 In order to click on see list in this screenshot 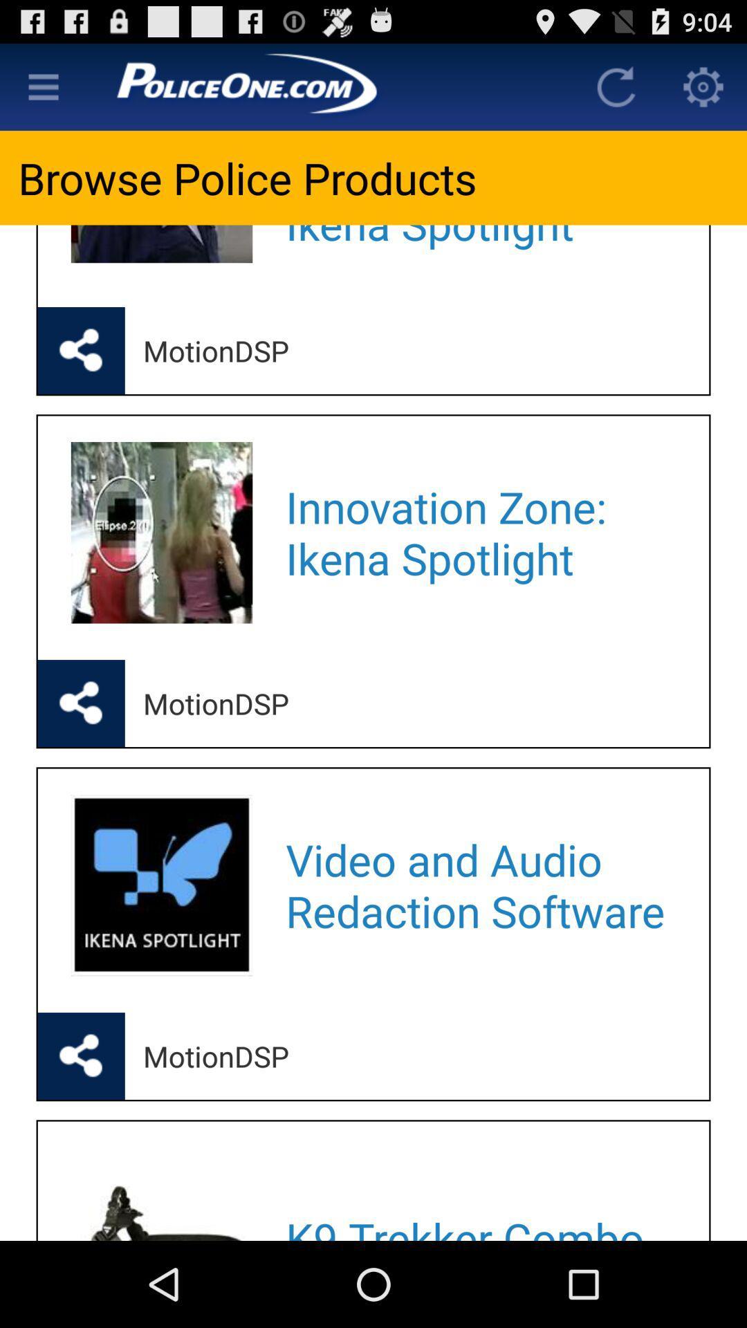, I will do `click(42, 86)`.